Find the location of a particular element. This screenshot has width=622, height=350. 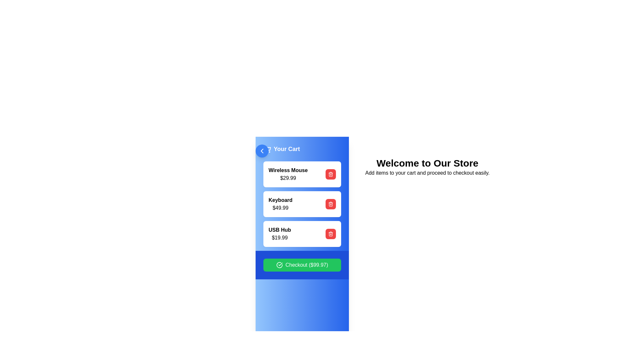

product name 'Keyboard' and its price '$49.99' from the text block located in the middle of the cart interface is located at coordinates (280, 204).